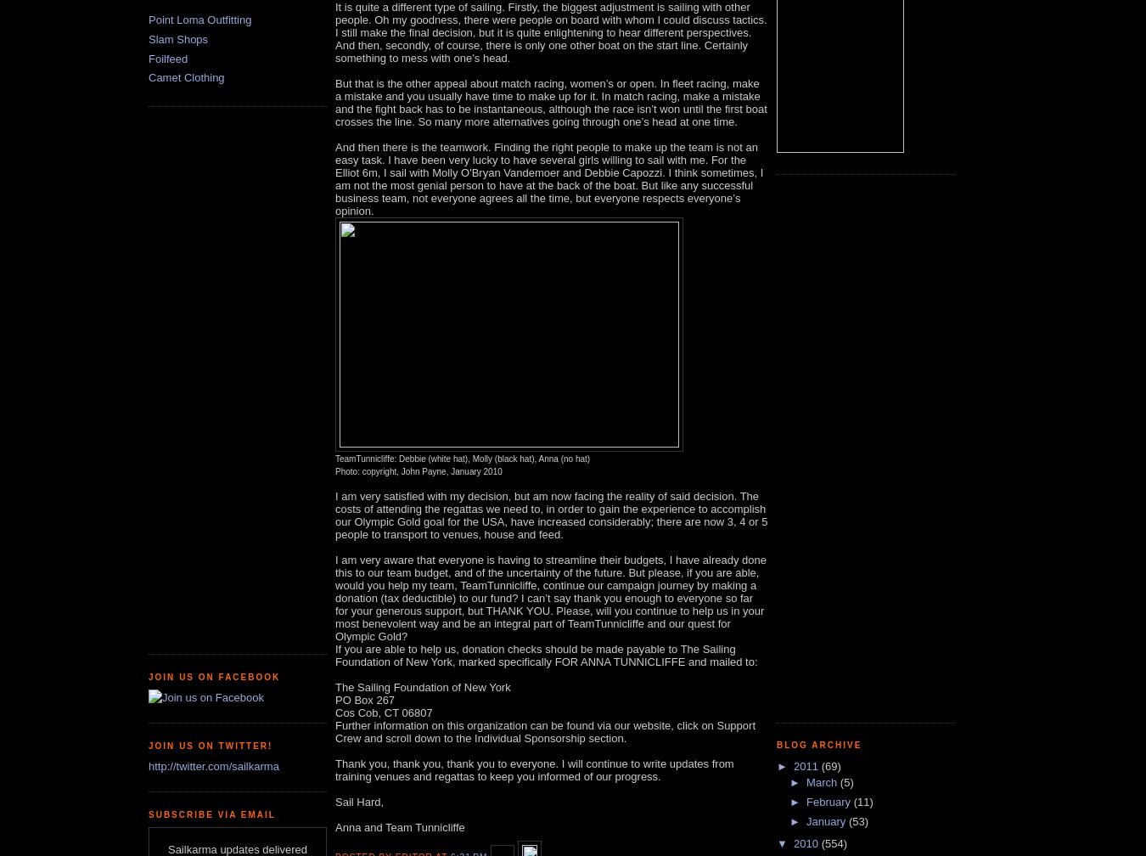  Describe the element at coordinates (551, 515) in the screenshot. I see `'I am very satisfied with my decision, but am now facing the reality of said decision.  The costs of attending the regattas we need to, in order to gain the experience to accomplish our Olympic Gold goal for the USA, have increased considerably; there are now 3, 4 or 5 people to transport to venues, house and feed.'` at that location.